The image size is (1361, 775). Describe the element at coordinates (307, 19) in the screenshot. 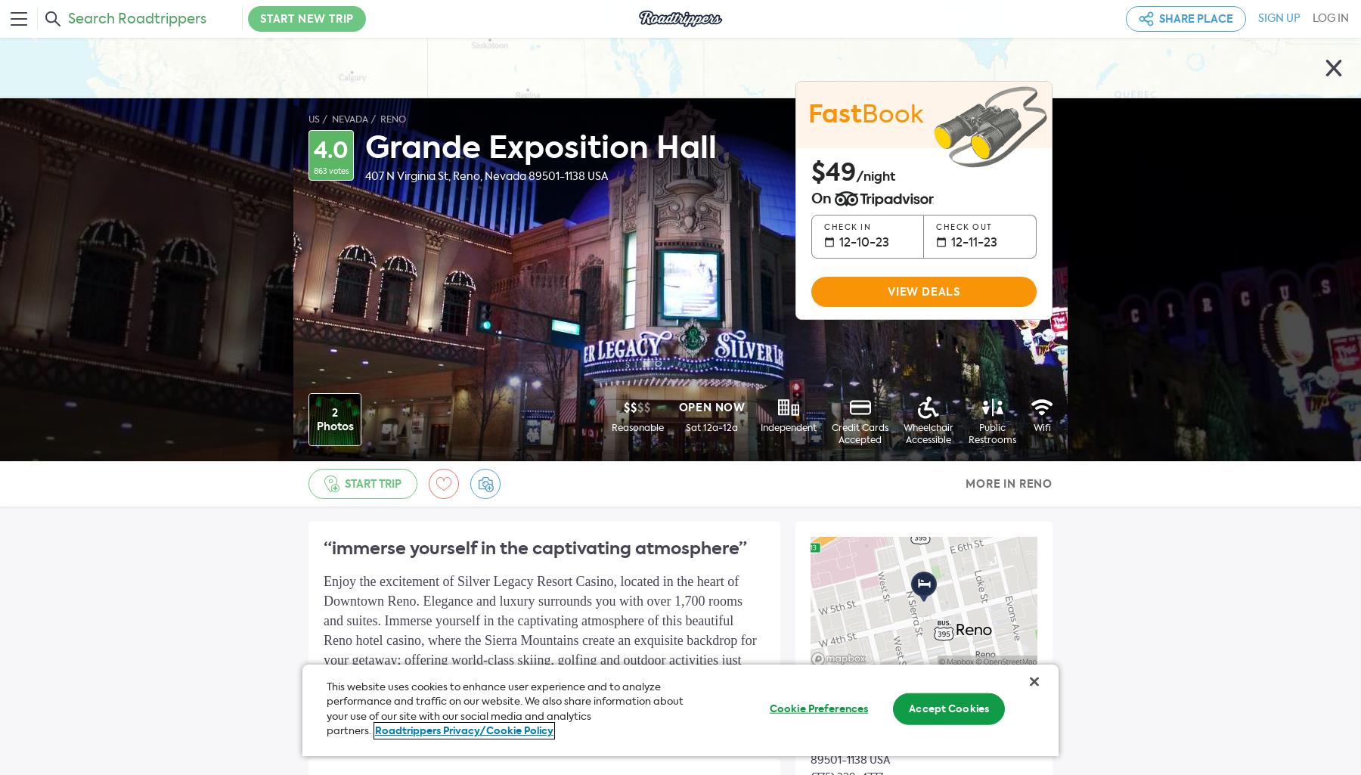

I see `'Start New Trip'` at that location.